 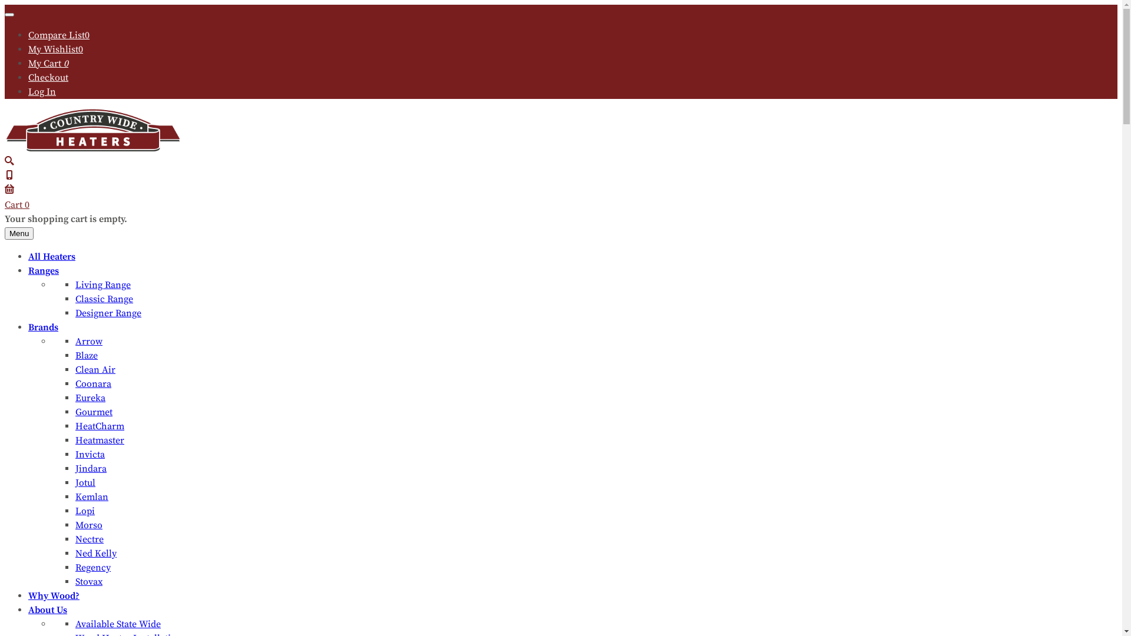 I want to click on 'All Heaters', so click(x=51, y=256).